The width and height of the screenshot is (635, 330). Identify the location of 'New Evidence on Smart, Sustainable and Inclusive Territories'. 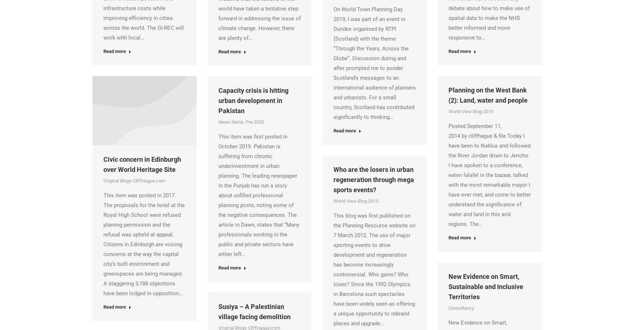
(486, 286).